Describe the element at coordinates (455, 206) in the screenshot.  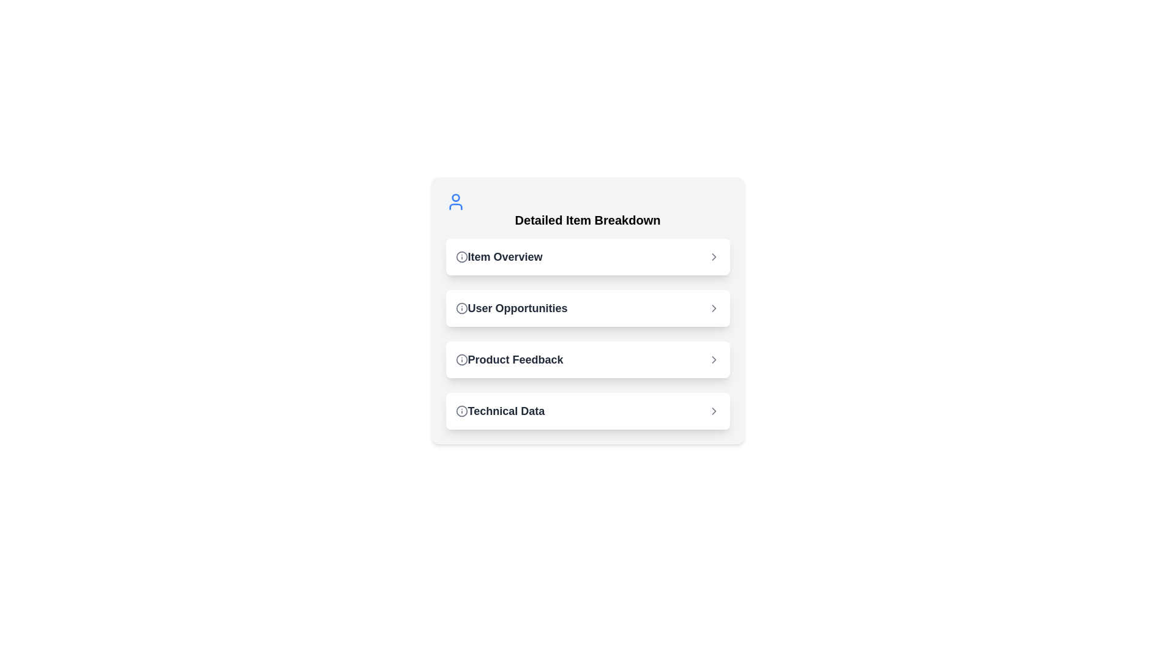
I see `the Vector shape representing the shoulders or body in the user avatar icon, located towards the bottom-middle area of the SVG graphic` at that location.